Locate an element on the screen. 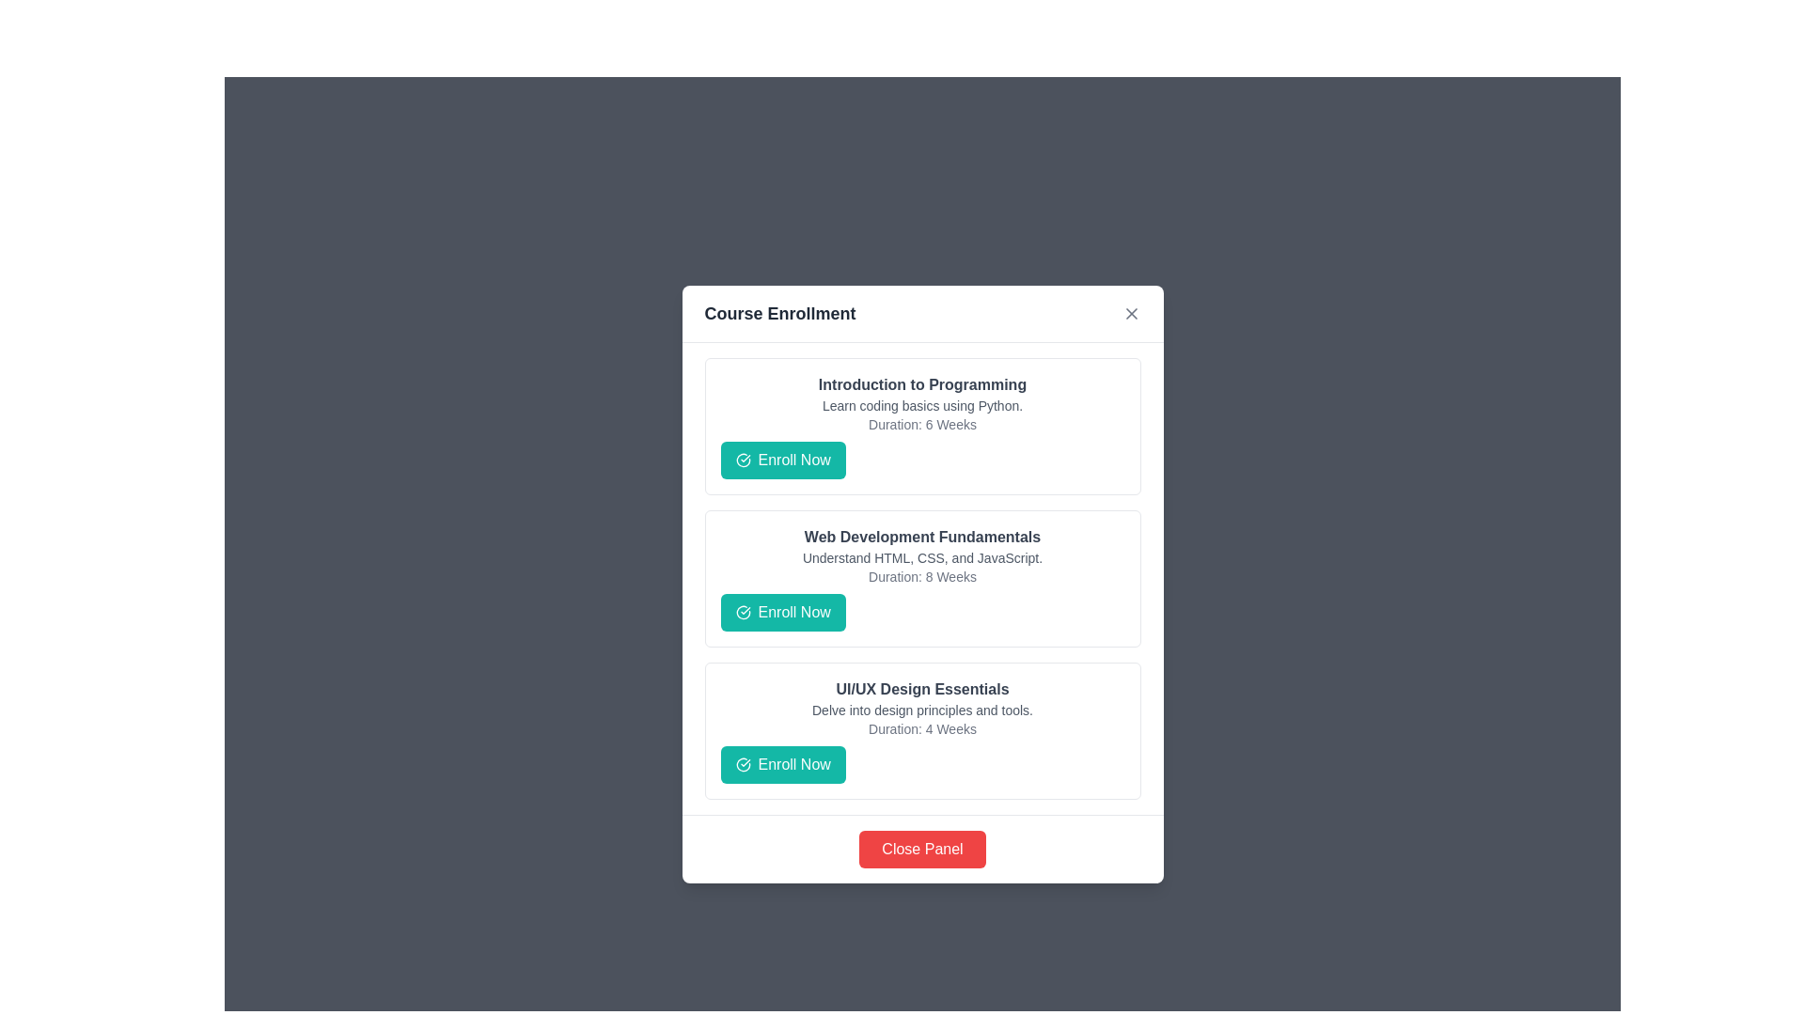  the red rectangular button labeled 'Close Panel' is located at coordinates (922, 849).